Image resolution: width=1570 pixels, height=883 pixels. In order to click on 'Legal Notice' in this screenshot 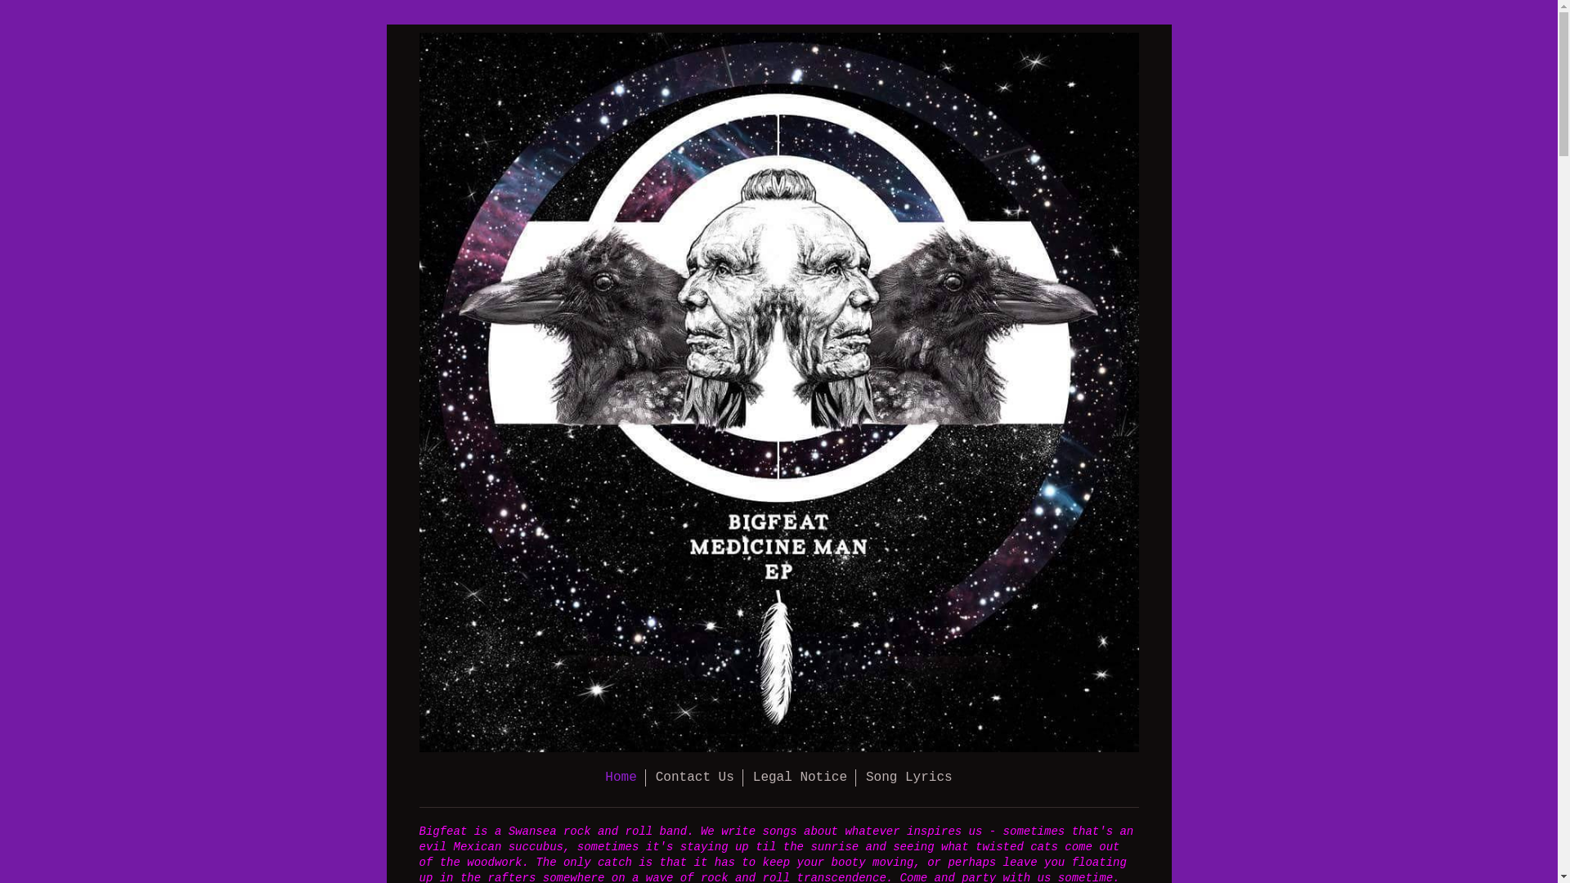, I will do `click(801, 777)`.